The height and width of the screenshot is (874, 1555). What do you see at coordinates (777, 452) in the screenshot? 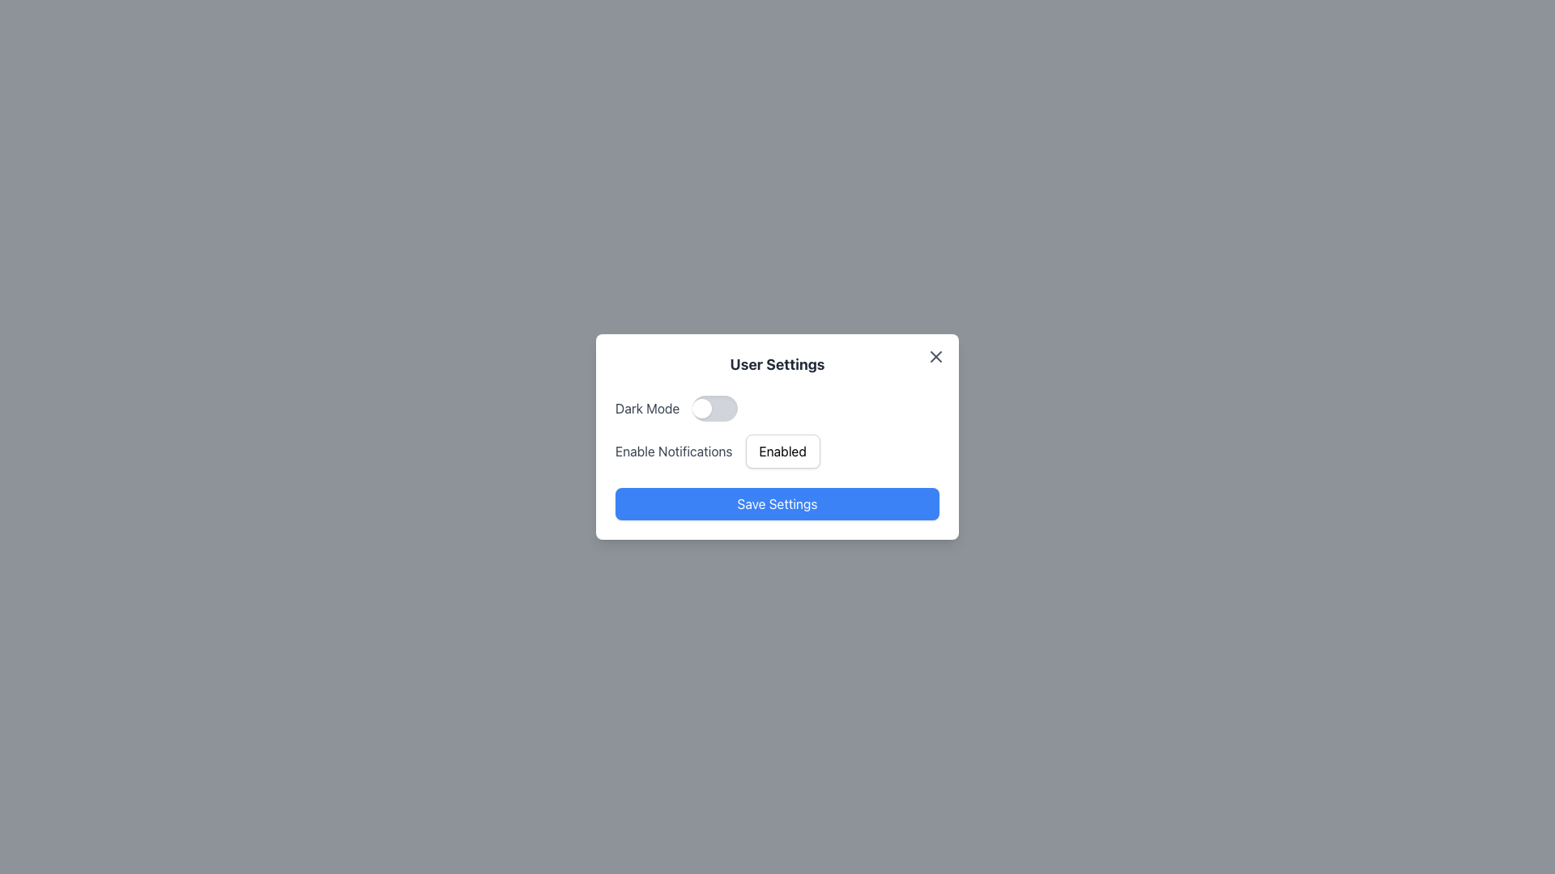
I see `the 'Enabled' button of the Toggle element for notification settings located in the lower part of the 'User Settings' dialog to change its state` at bounding box center [777, 452].